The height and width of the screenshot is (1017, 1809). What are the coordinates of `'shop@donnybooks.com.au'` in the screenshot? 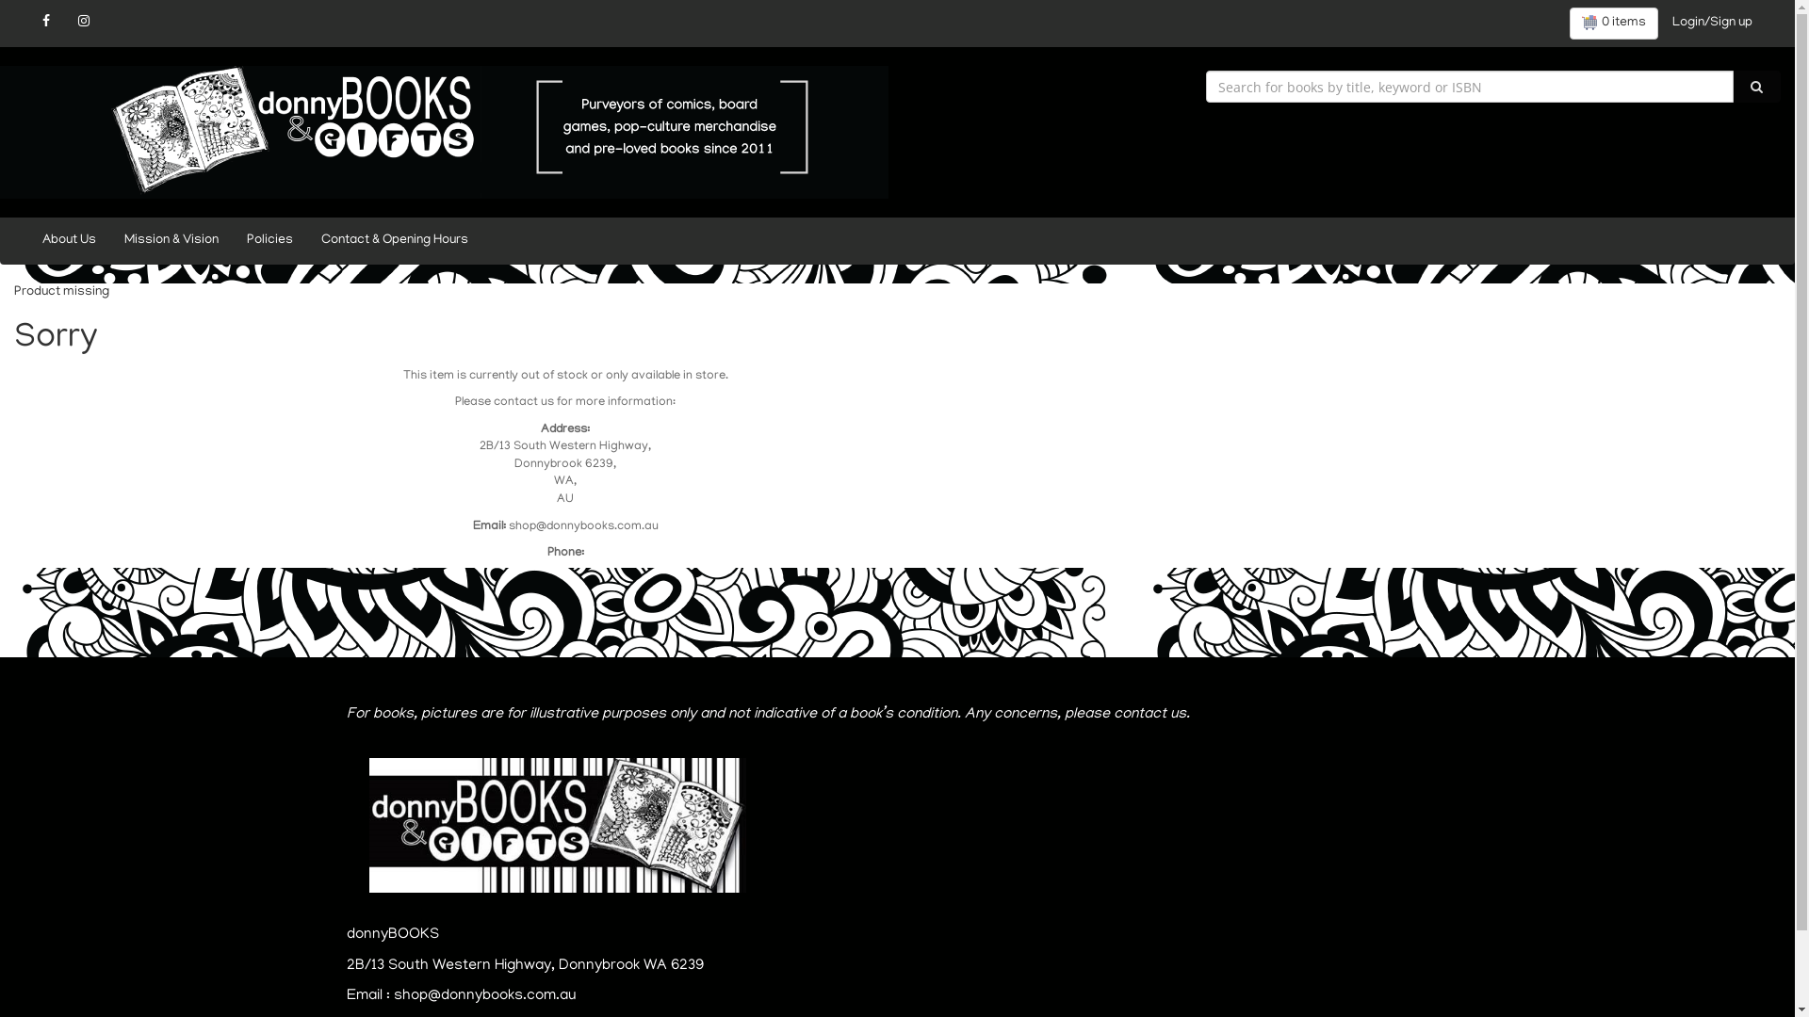 It's located at (582, 526).